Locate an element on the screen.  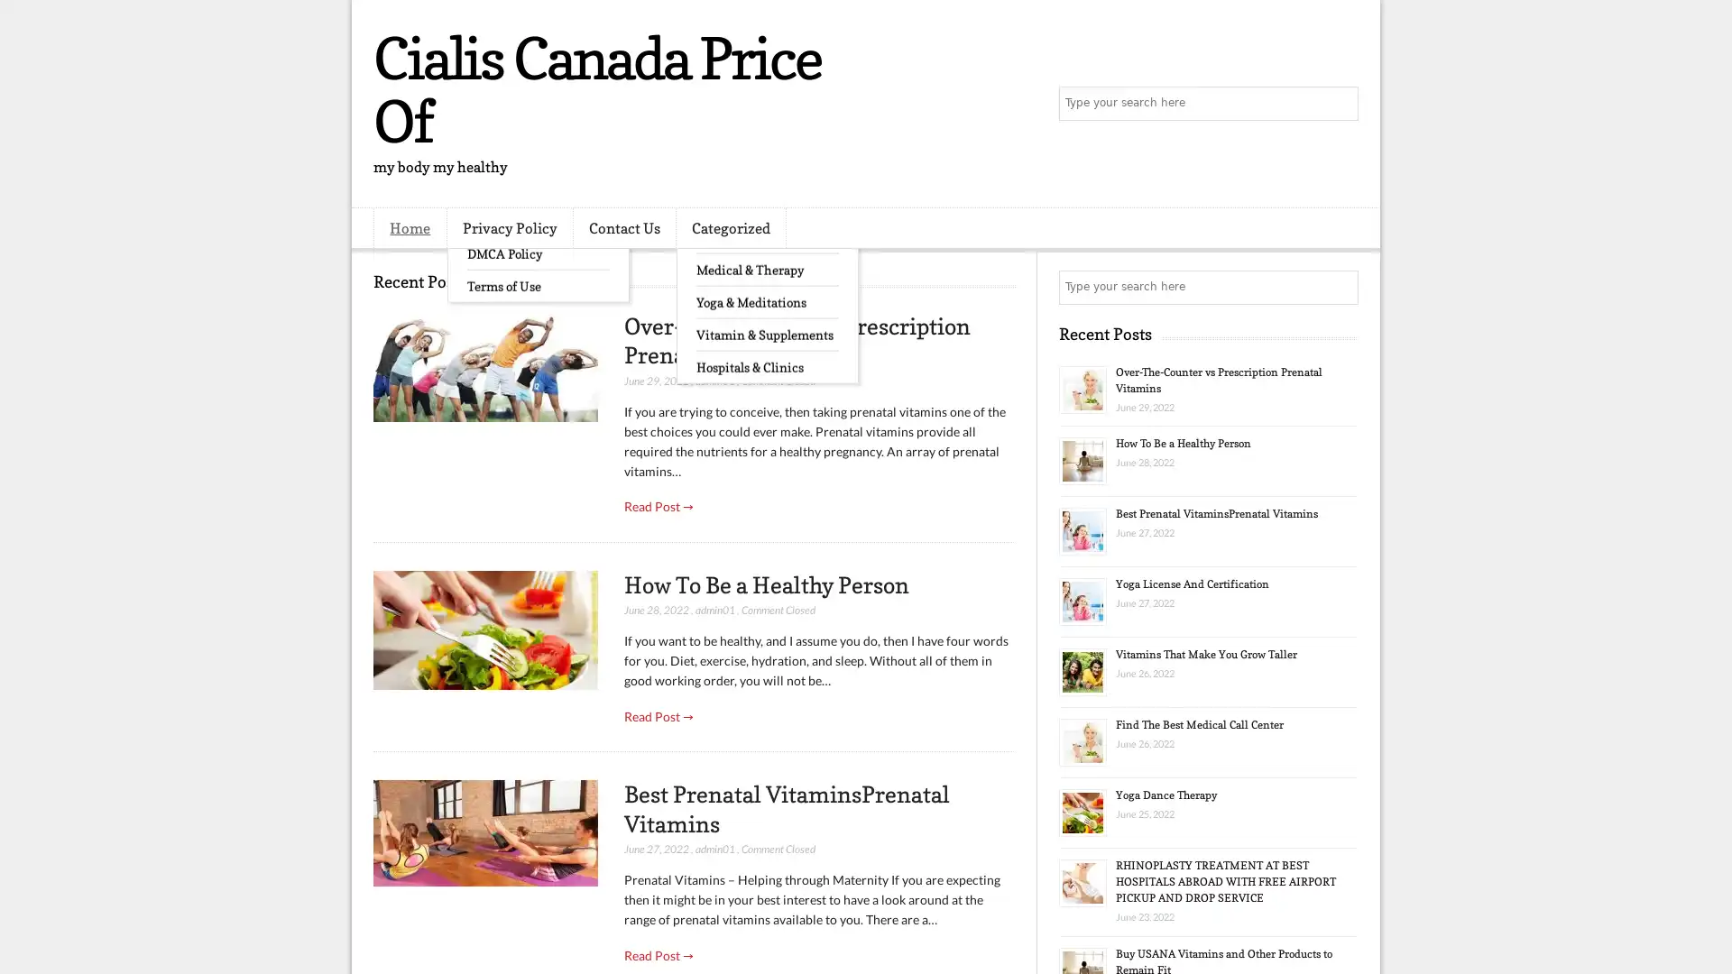
Search is located at coordinates (1340, 287).